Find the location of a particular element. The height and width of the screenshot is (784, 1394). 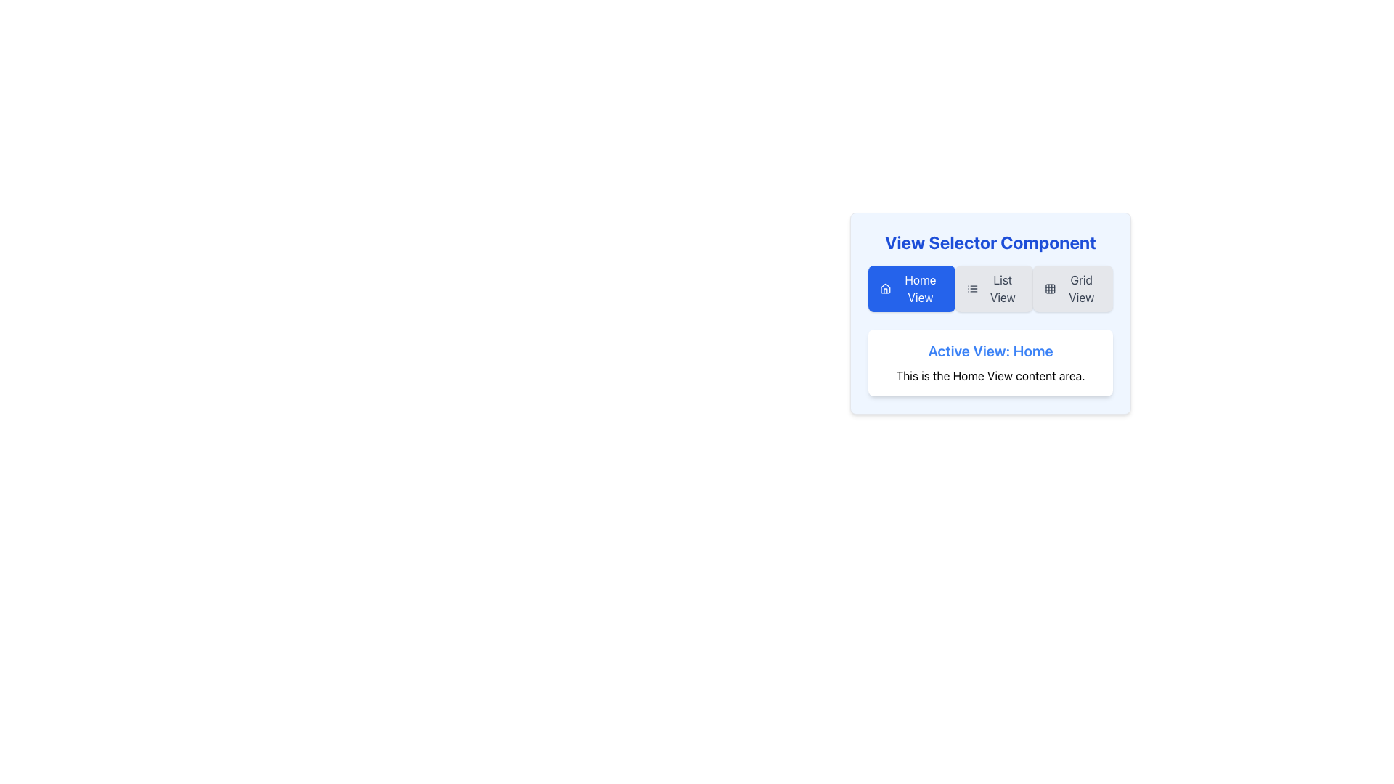

the second button in the 'View Selector Component' is located at coordinates (993, 288).